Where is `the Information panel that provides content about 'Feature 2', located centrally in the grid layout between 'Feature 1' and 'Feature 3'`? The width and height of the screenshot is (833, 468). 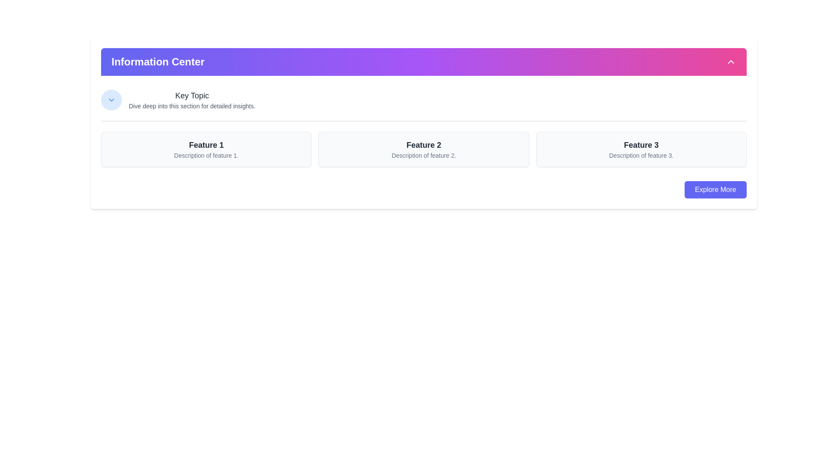
the Information panel that provides content about 'Feature 2', located centrally in the grid layout between 'Feature 1' and 'Feature 3' is located at coordinates (423, 149).